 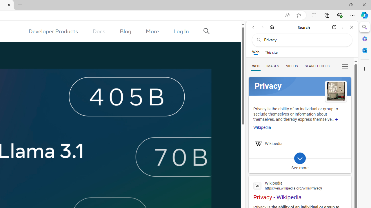 What do you see at coordinates (305, 40) in the screenshot?
I see `'Search the web'` at bounding box center [305, 40].